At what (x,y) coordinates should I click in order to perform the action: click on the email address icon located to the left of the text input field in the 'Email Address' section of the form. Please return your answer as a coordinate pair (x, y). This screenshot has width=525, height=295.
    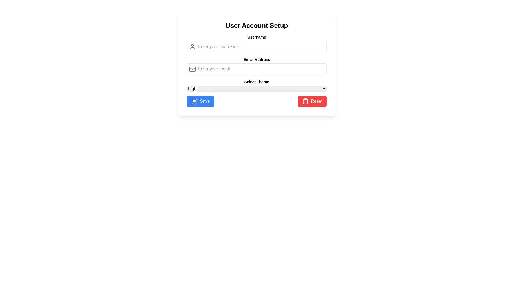
    Looking at the image, I should click on (192, 69).